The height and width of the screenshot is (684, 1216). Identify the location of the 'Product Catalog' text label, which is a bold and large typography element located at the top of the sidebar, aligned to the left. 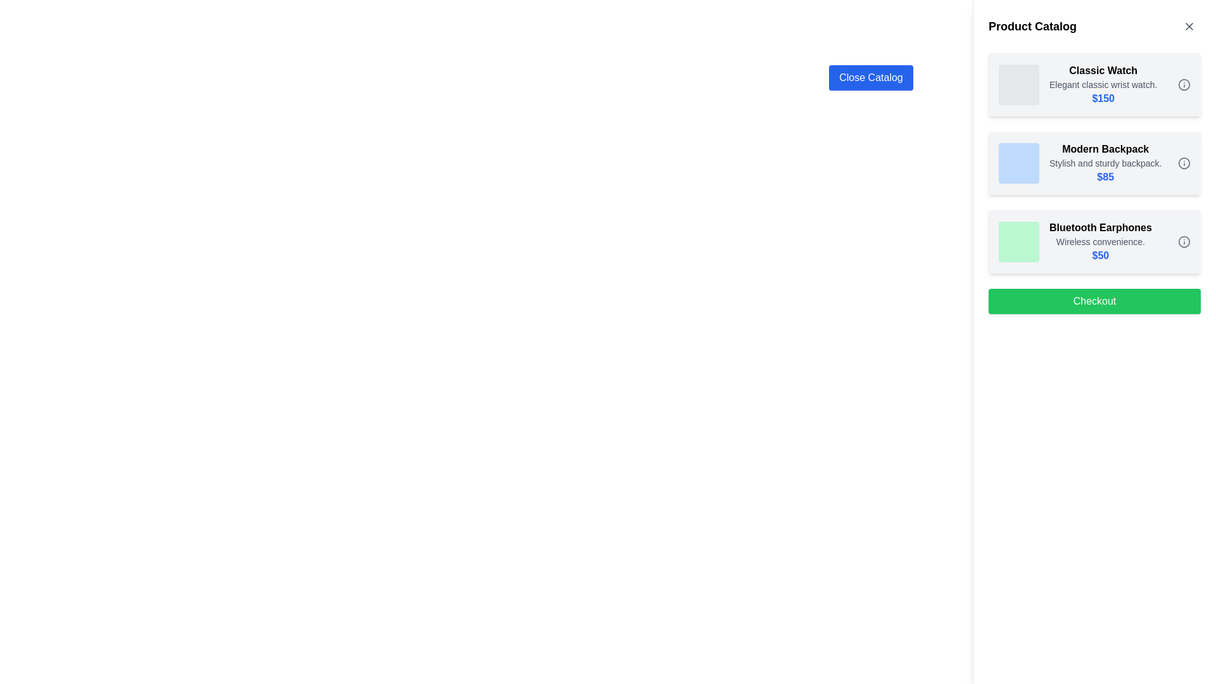
(1032, 27).